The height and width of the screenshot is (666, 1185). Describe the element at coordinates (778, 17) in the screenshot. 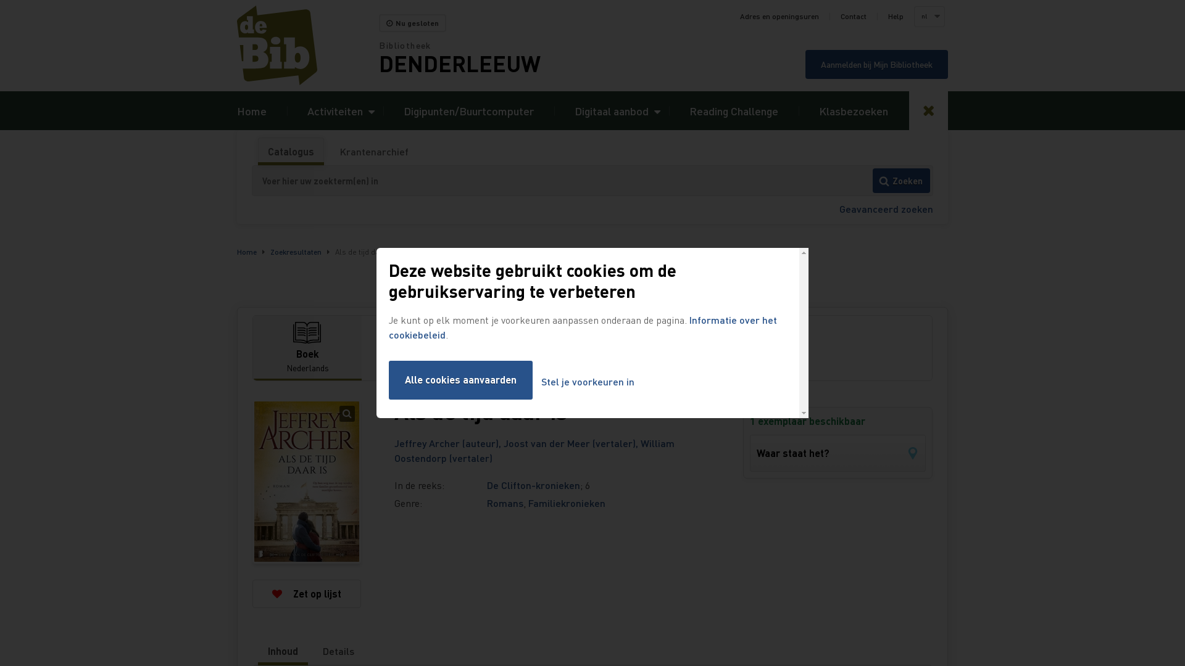

I see `'Adres en openingsuren'` at that location.